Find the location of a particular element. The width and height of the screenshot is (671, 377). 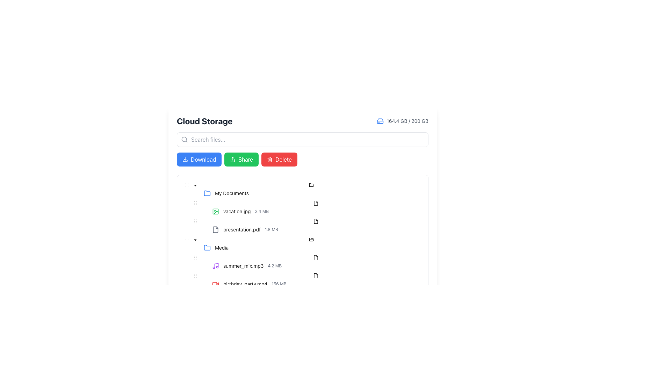

the stylized folder icon located to the right of the text 'Media' in the list view section of the interface is located at coordinates (311, 184).